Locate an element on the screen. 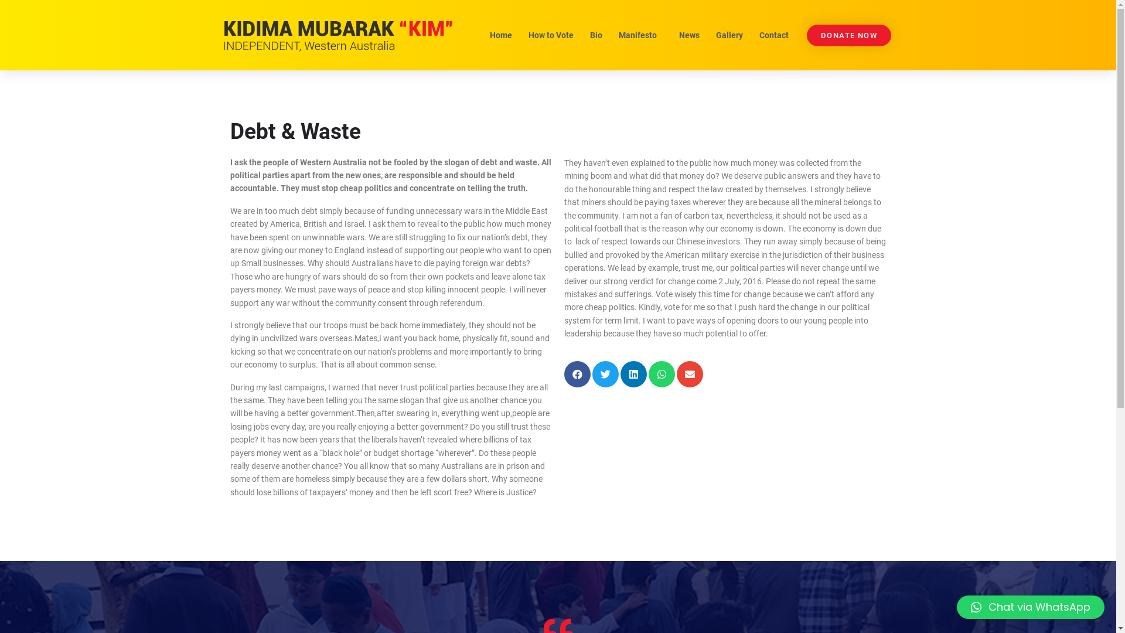 The height and width of the screenshot is (633, 1125). 'News' is located at coordinates (672, 35).